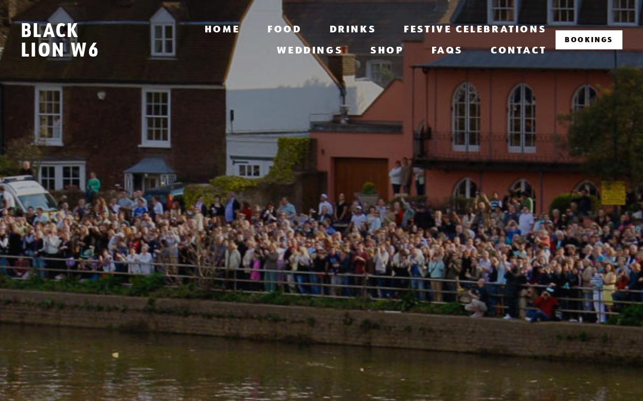 The image size is (643, 401). What do you see at coordinates (475, 29) in the screenshot?
I see `'Festive Celebrations'` at bounding box center [475, 29].